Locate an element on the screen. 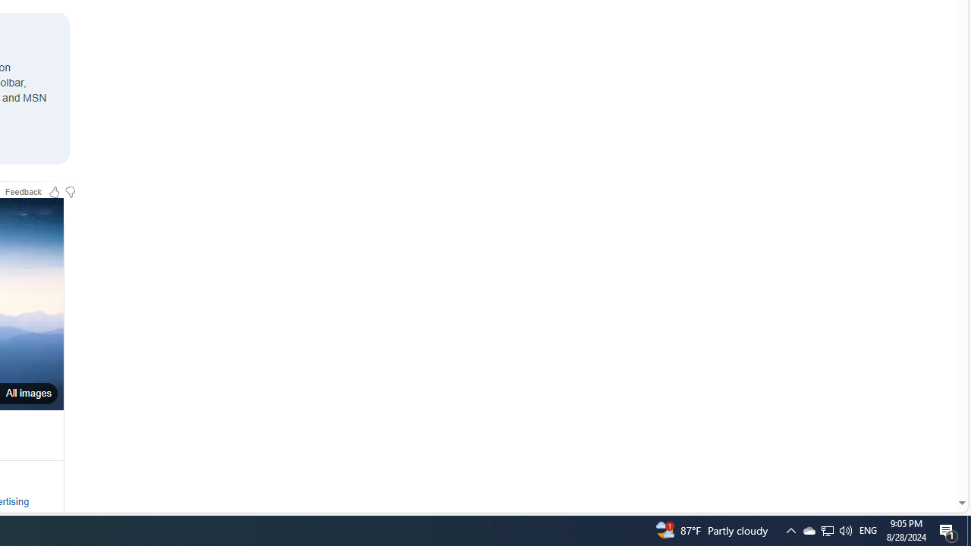 The height and width of the screenshot is (546, 971). 'AutomationID: mfa_root' is located at coordinates (904, 457).